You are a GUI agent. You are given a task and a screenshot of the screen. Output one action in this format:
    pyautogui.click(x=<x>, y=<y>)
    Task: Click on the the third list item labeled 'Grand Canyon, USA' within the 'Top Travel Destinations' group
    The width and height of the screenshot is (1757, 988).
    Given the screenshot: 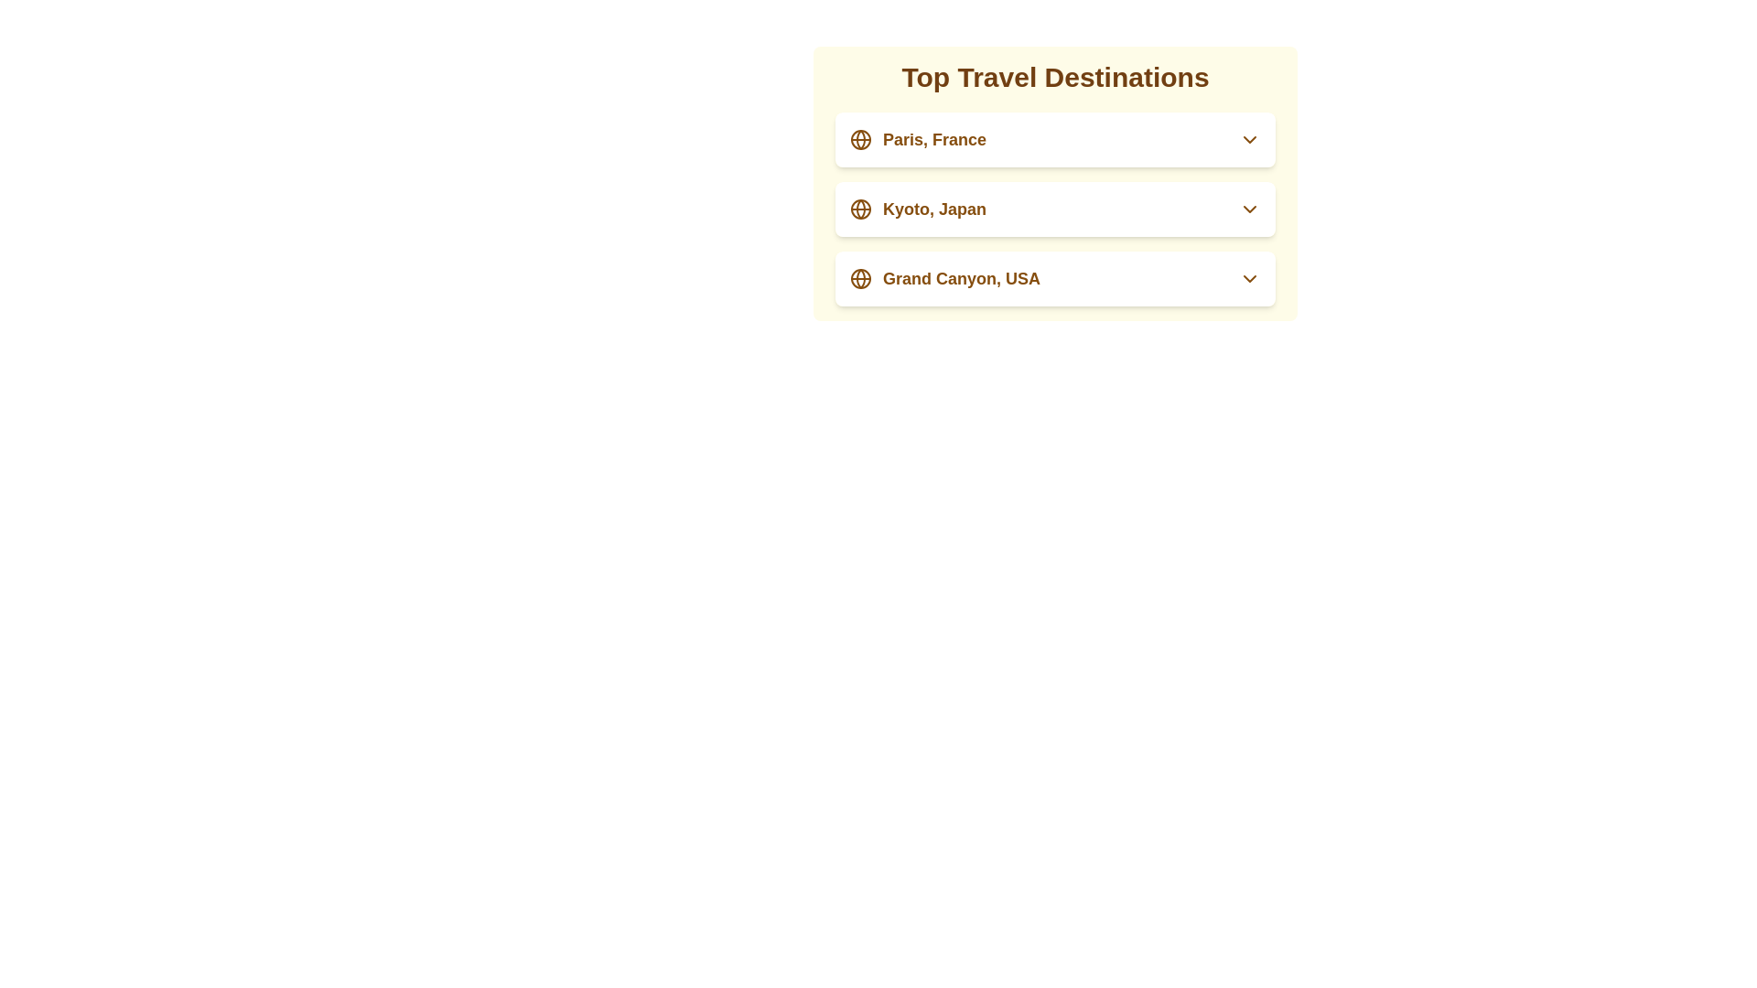 What is the action you would take?
    pyautogui.click(x=1055, y=278)
    